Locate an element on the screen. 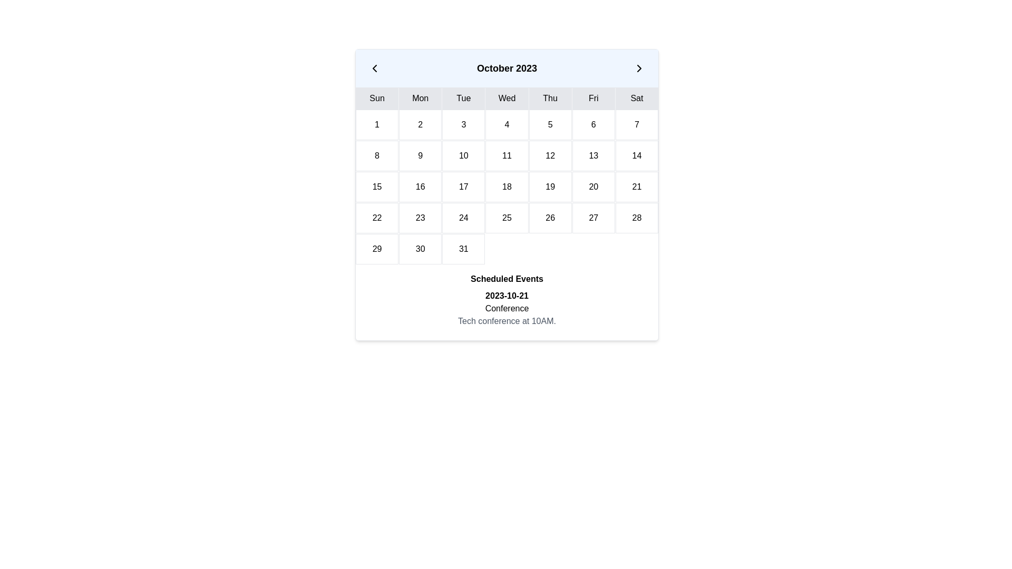 Image resolution: width=1012 pixels, height=569 pixels. the Textual date block representing the 16th day in the calendar interface is located at coordinates (420, 186).